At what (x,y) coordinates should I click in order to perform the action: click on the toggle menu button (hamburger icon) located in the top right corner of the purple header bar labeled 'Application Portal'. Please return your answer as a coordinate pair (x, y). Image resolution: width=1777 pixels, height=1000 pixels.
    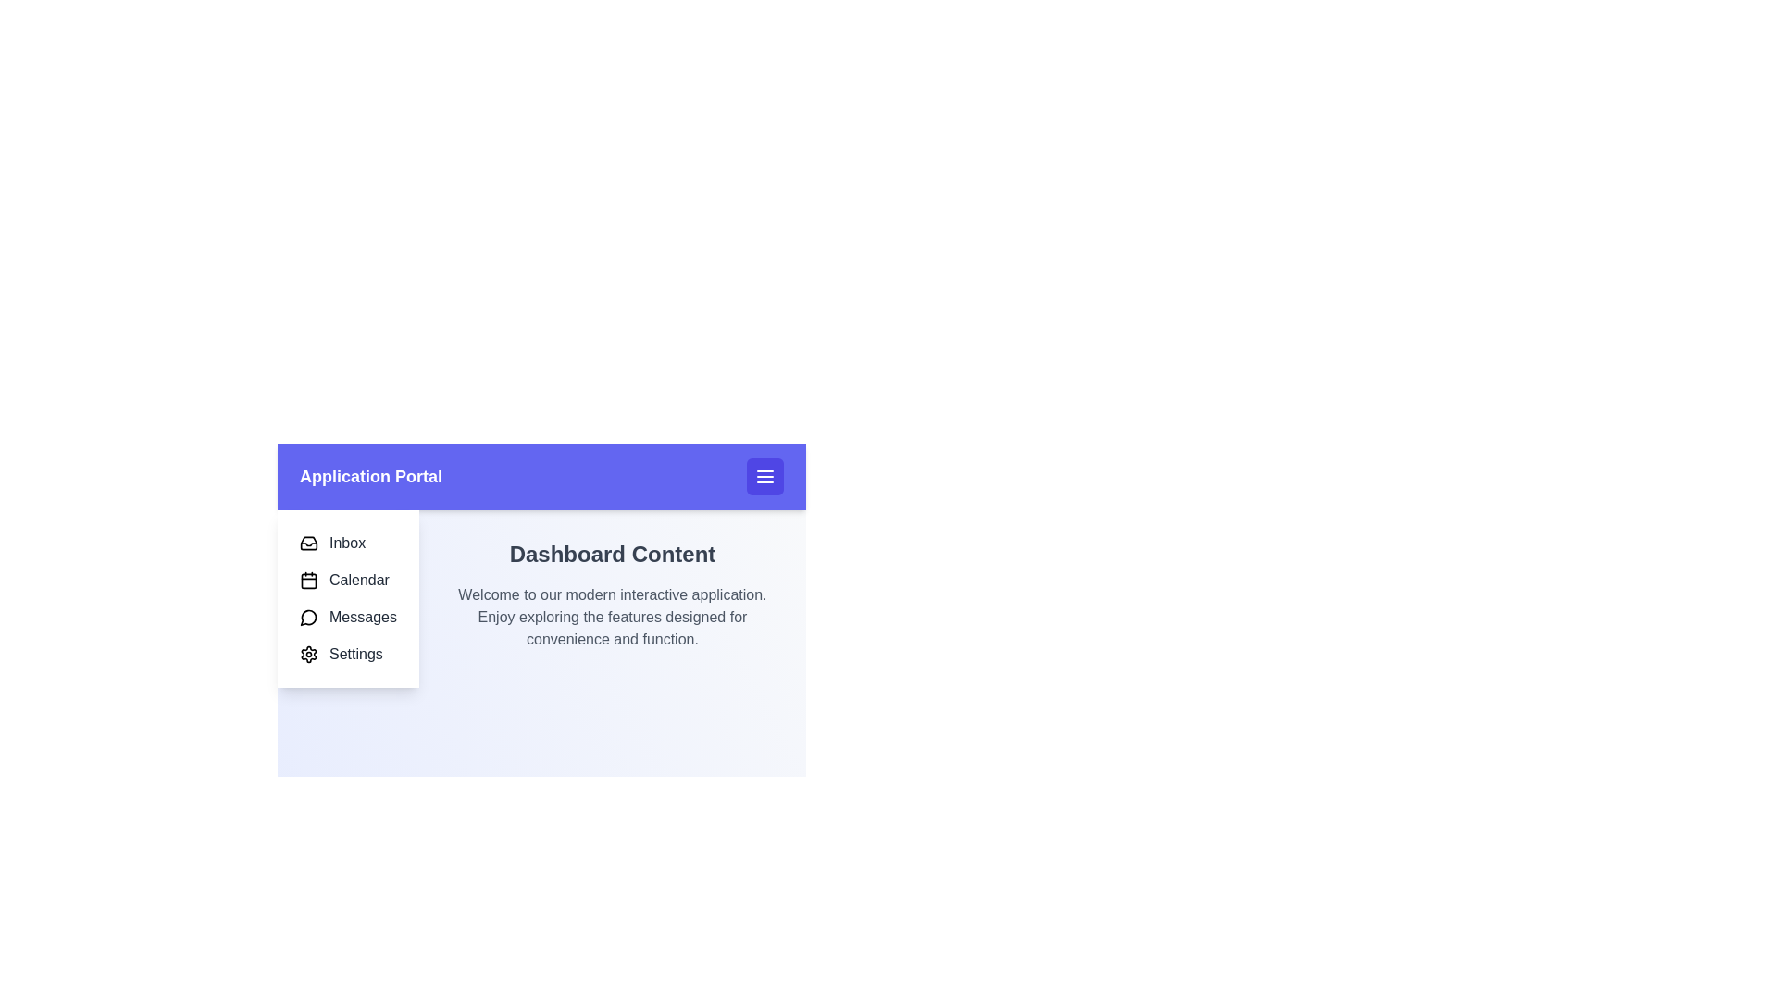
    Looking at the image, I should click on (764, 476).